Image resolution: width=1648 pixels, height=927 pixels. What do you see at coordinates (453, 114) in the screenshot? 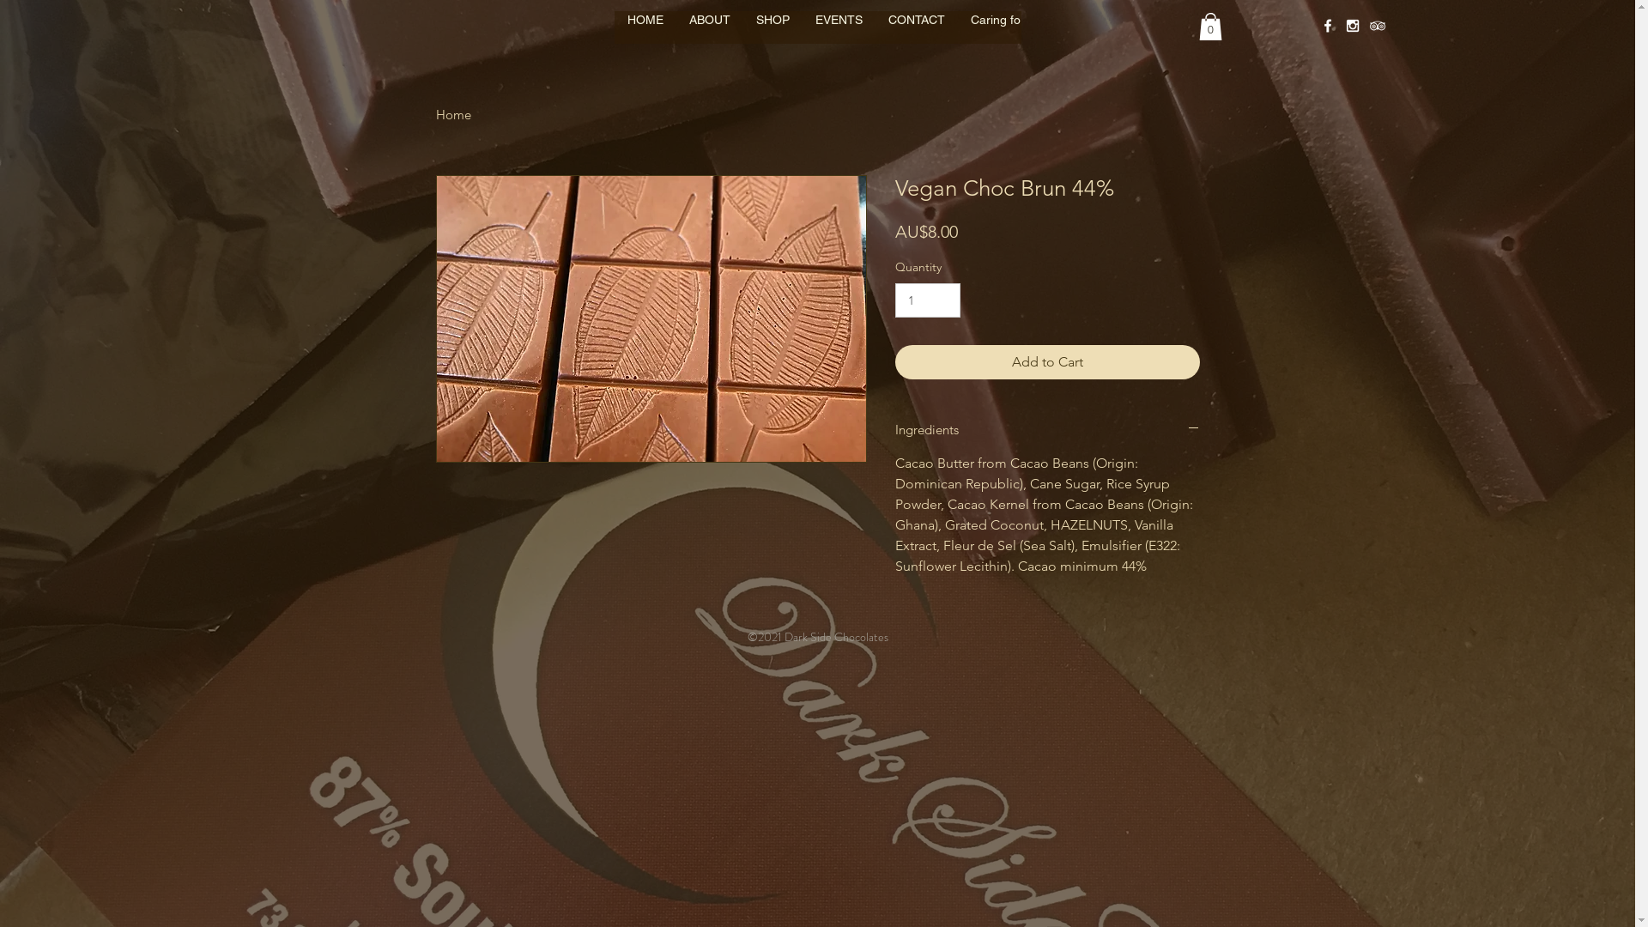
I see `'Home'` at bounding box center [453, 114].